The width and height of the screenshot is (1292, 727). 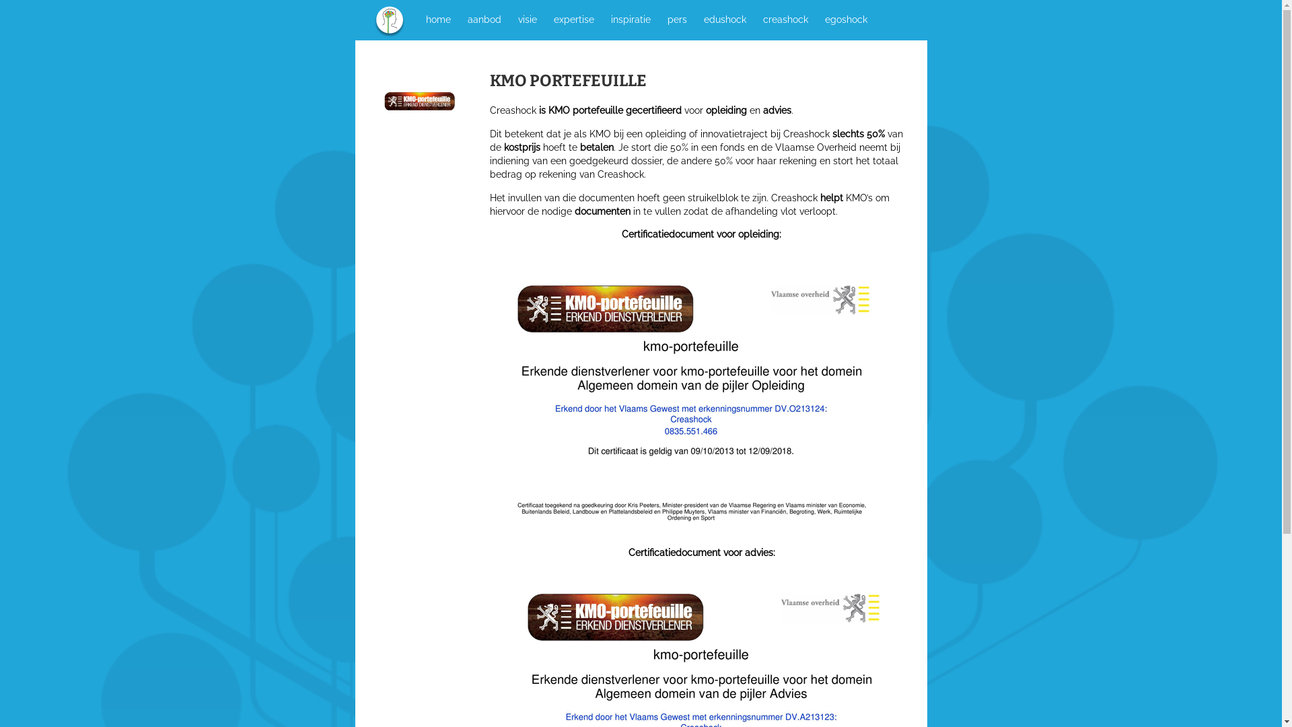 I want to click on 'egoshock', so click(x=820, y=19).